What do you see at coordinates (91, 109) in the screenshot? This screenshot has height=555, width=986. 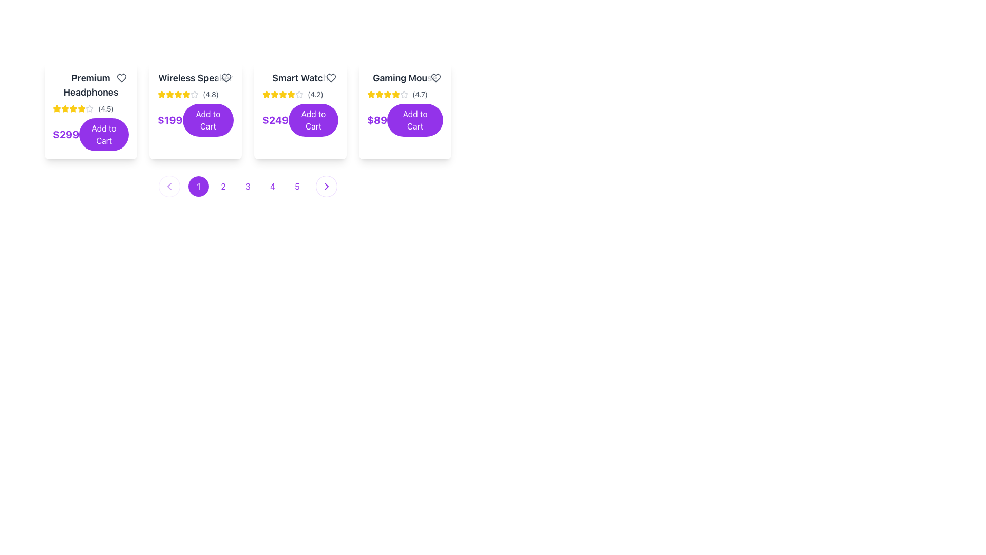 I see `rating value displayed as '(4.5)' on the rating indicator located below the product title 'Premium Headphones'` at bounding box center [91, 109].